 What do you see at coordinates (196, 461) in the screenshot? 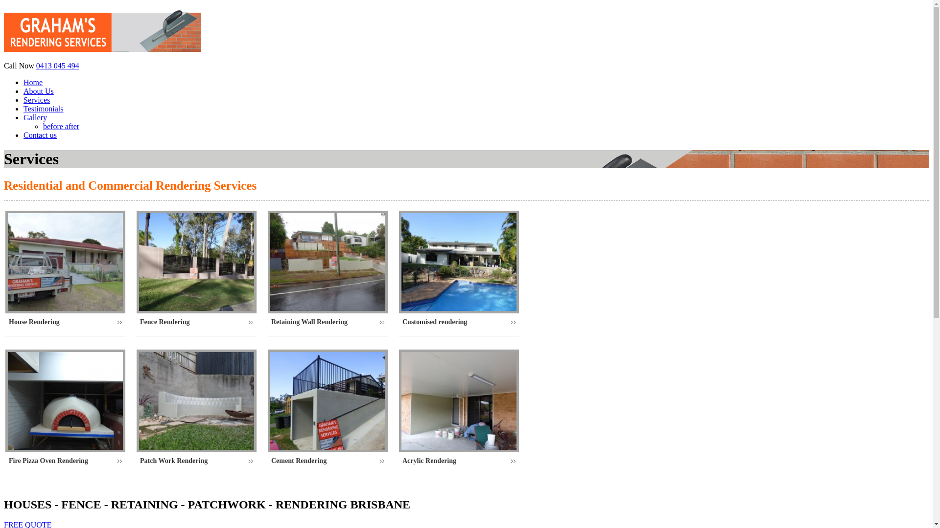
I see `'Patch Work Rendering'` at bounding box center [196, 461].